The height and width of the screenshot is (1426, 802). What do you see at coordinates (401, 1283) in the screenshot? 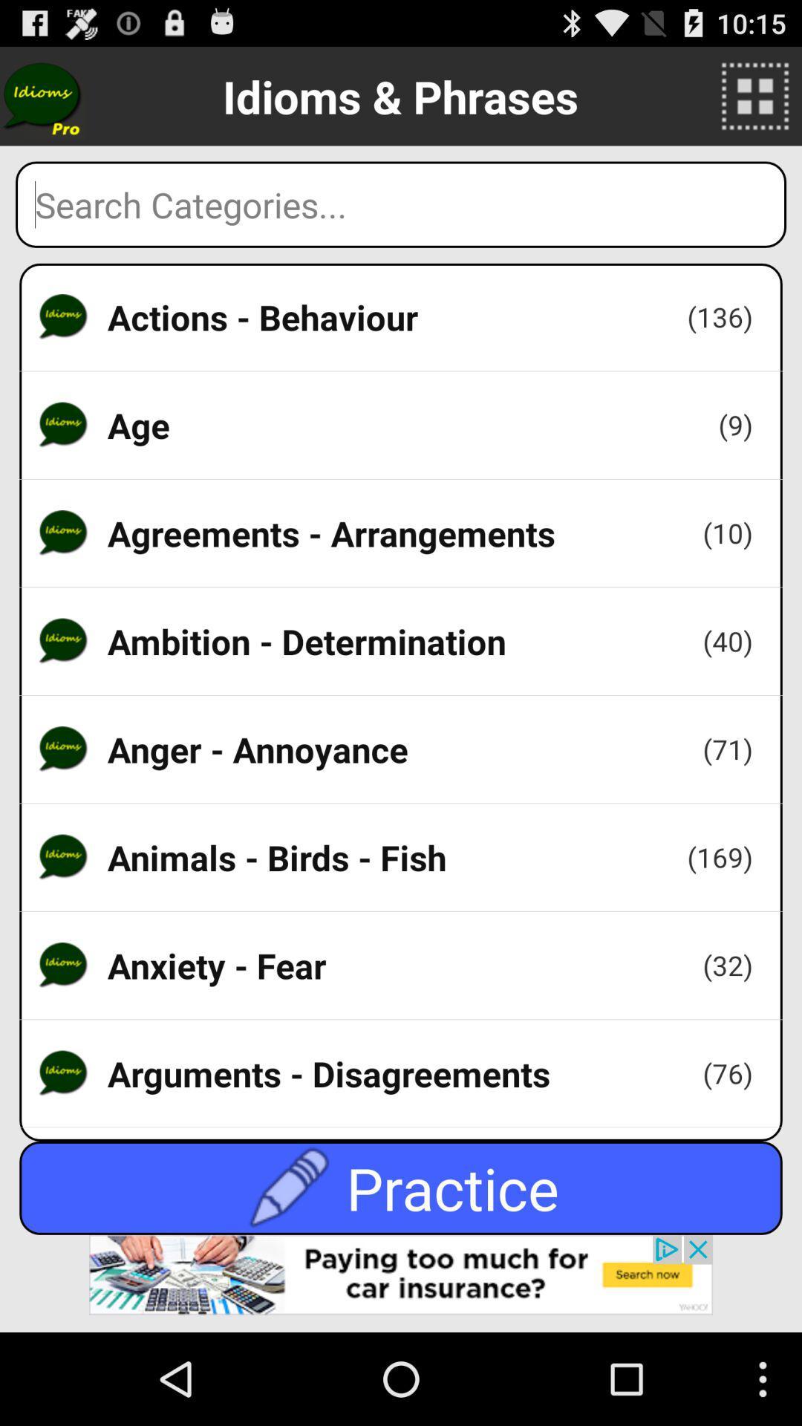
I see `the app` at bounding box center [401, 1283].